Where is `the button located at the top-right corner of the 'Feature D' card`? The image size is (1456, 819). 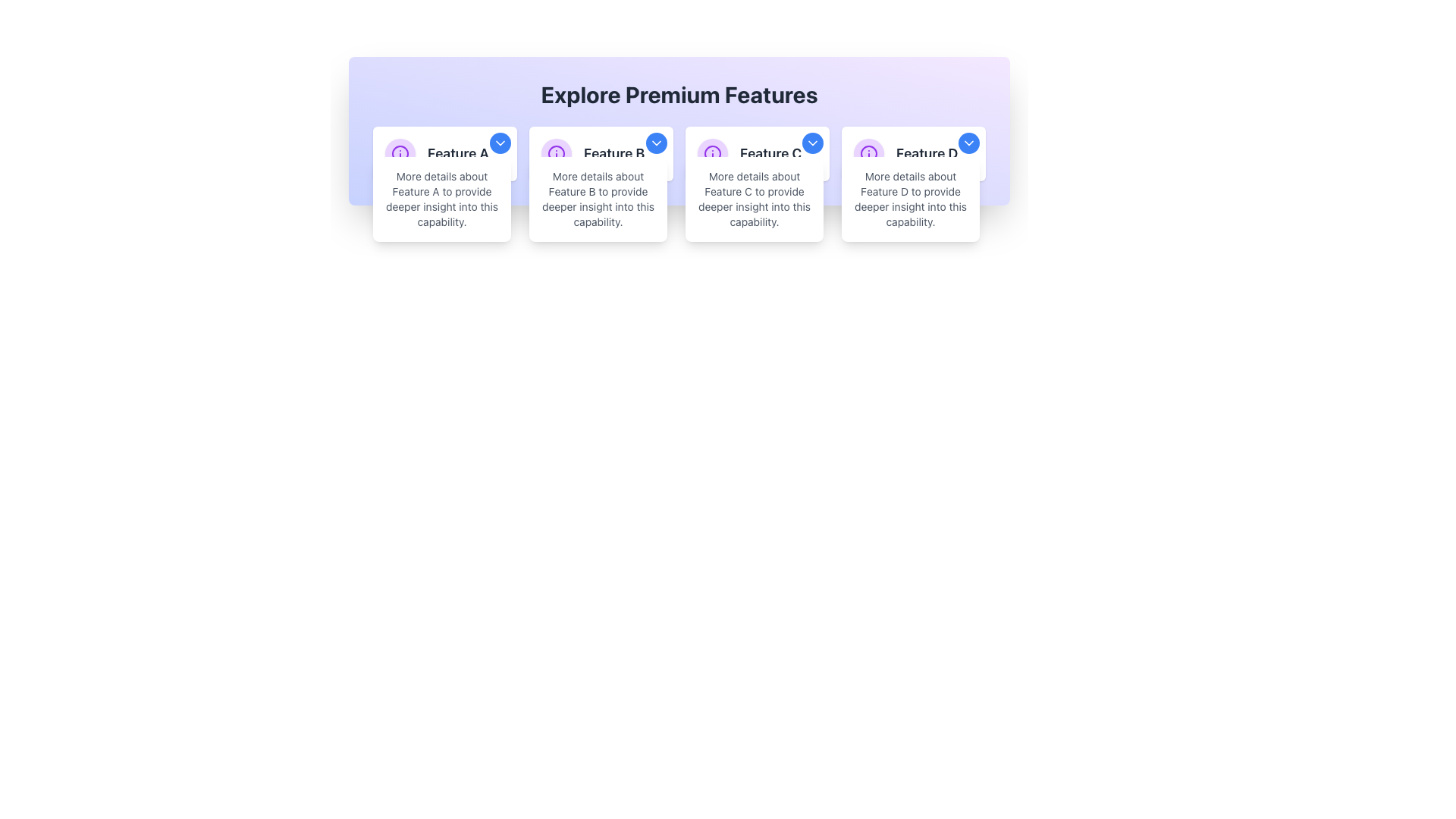
the button located at the top-right corner of the 'Feature D' card is located at coordinates (968, 143).